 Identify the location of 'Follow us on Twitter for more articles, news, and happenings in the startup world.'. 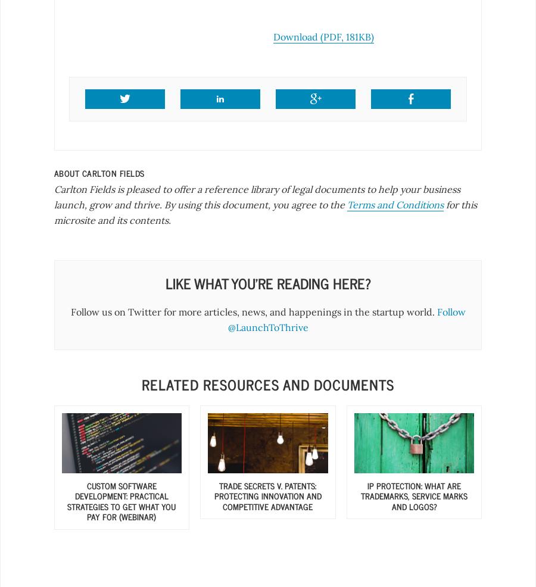
(253, 311).